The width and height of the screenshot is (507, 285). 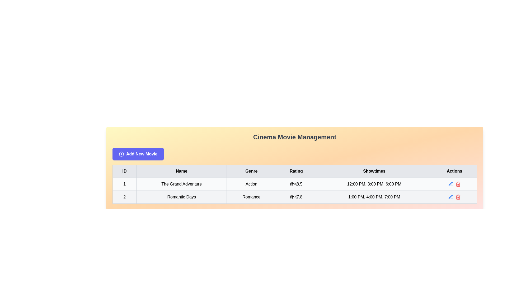 What do you see at coordinates (454, 171) in the screenshot?
I see `the Text label in the table header, which is the sixth item in the row after 'ID', 'Name', 'Genre', 'Rating', and 'Showtimes', located at the top-right corner of the table` at bounding box center [454, 171].